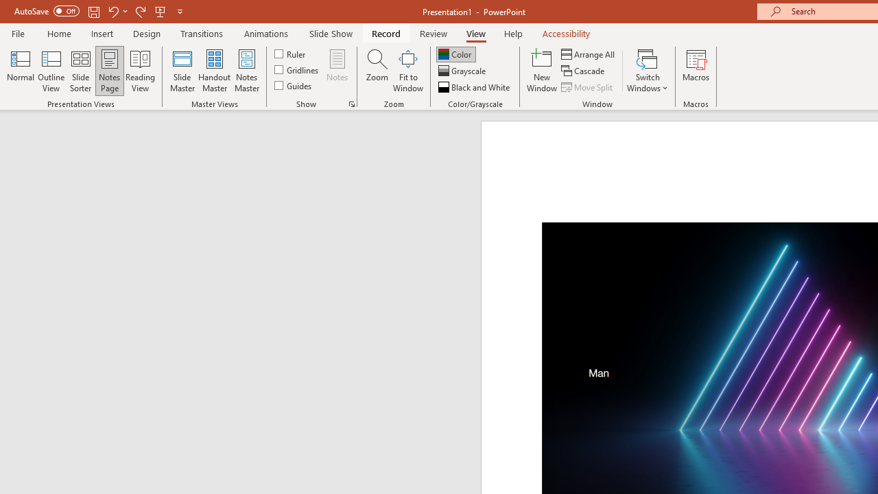 This screenshot has height=494, width=878. I want to click on 'Switch Windows', so click(647, 71).